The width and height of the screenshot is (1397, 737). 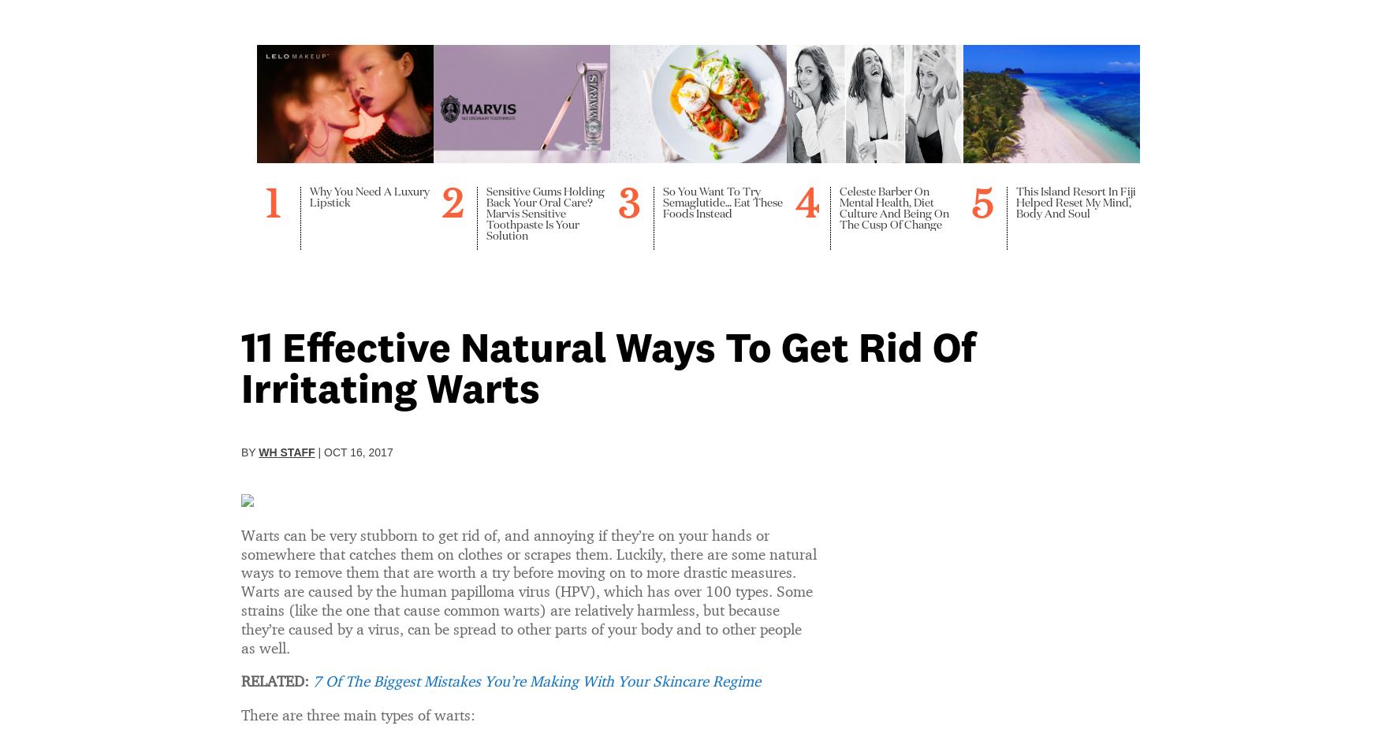 What do you see at coordinates (442, 184) in the screenshot?
I see `'2'` at bounding box center [442, 184].